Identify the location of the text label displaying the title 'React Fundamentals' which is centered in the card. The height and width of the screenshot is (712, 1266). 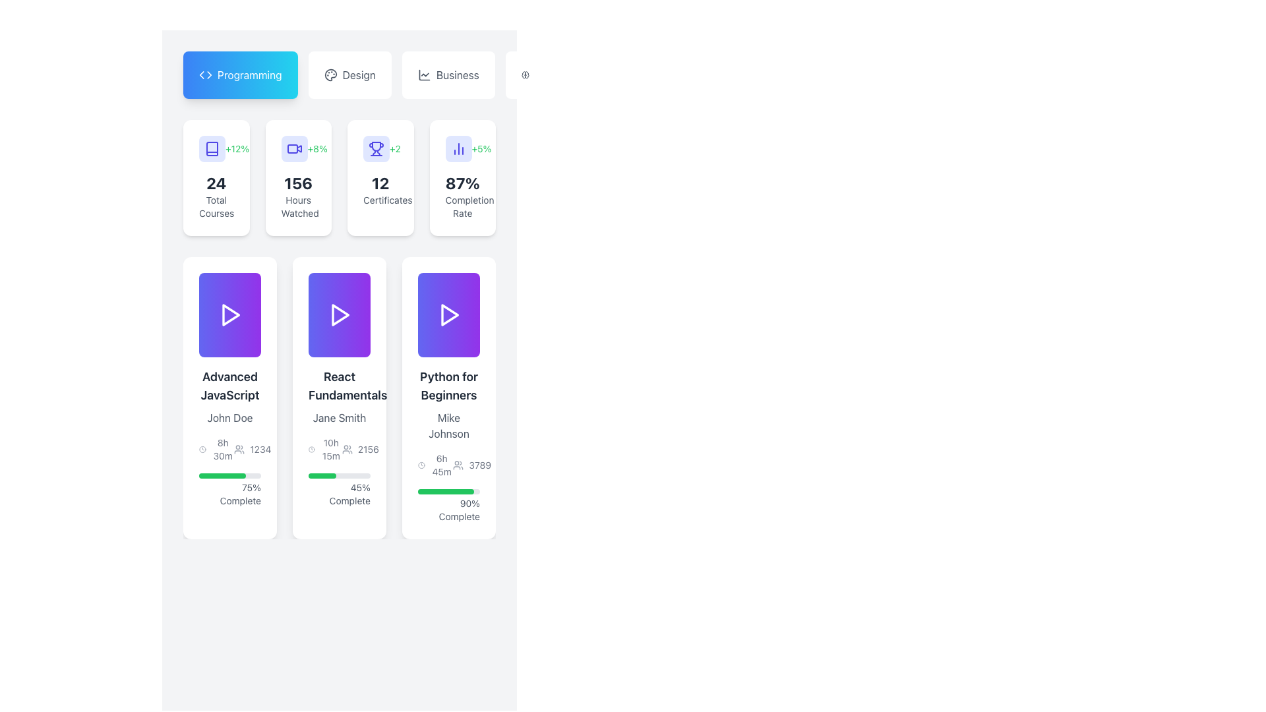
(339, 386).